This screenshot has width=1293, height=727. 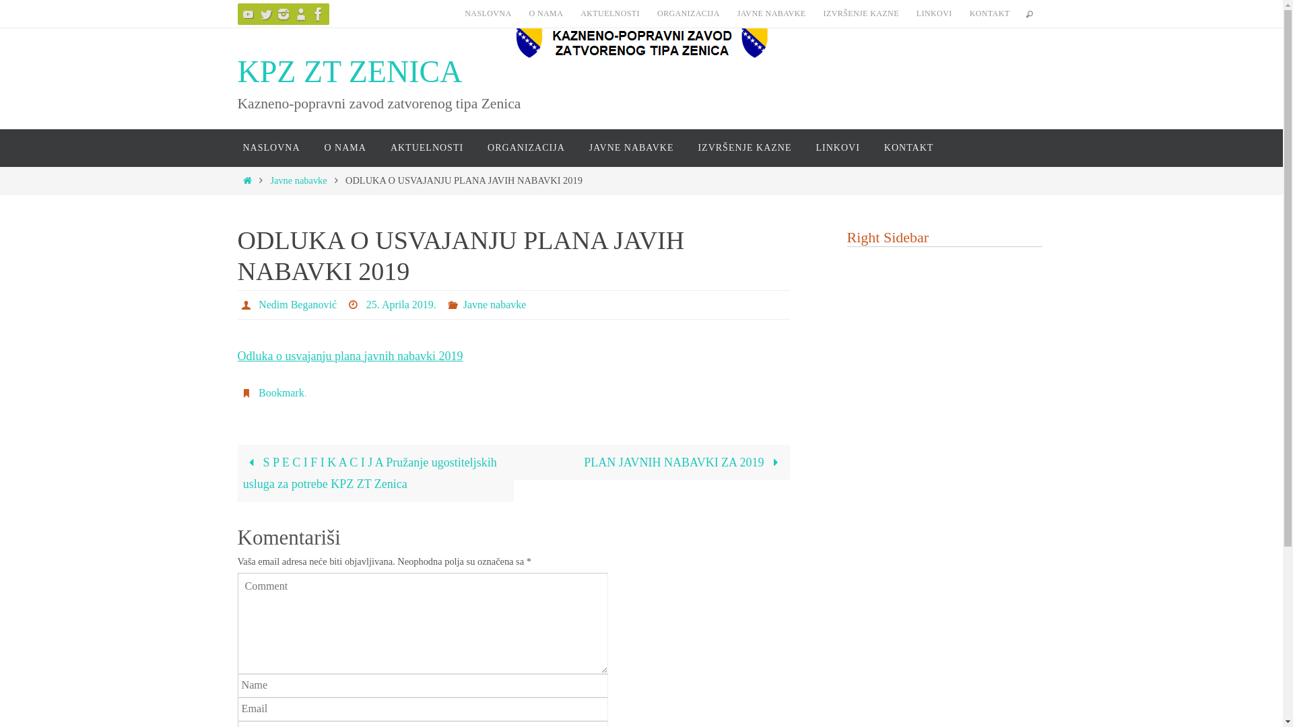 What do you see at coordinates (933, 13) in the screenshot?
I see `'LINKOVI'` at bounding box center [933, 13].